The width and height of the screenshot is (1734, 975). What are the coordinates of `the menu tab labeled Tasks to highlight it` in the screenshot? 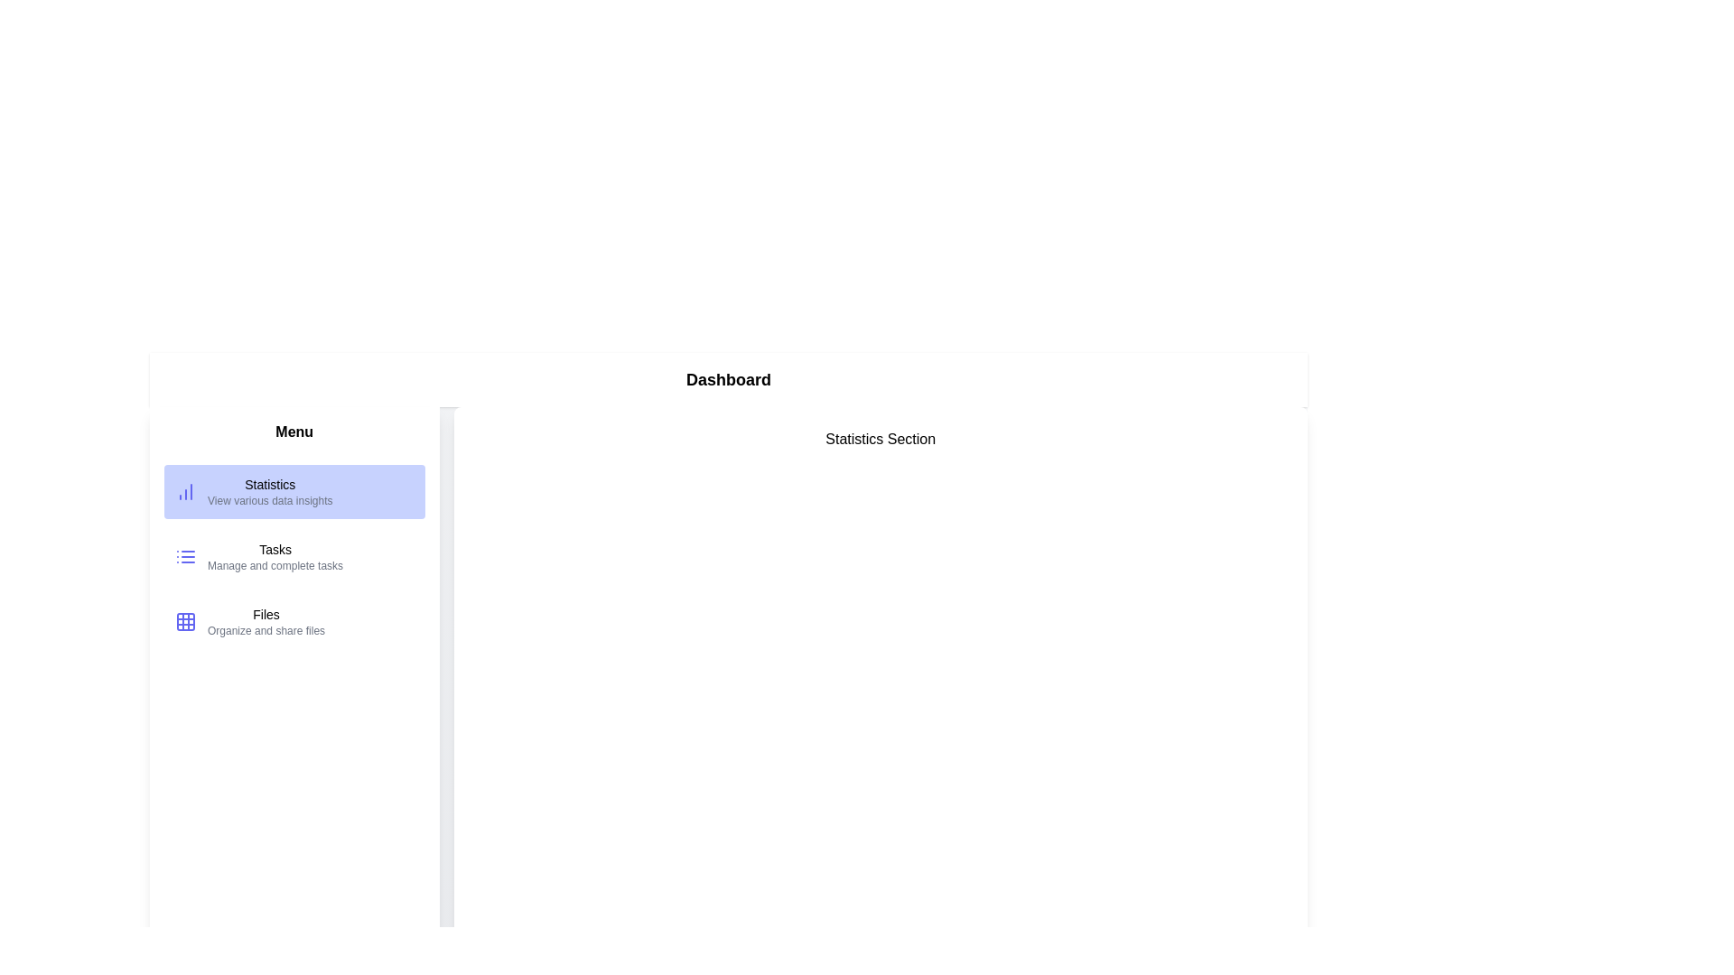 It's located at (294, 556).